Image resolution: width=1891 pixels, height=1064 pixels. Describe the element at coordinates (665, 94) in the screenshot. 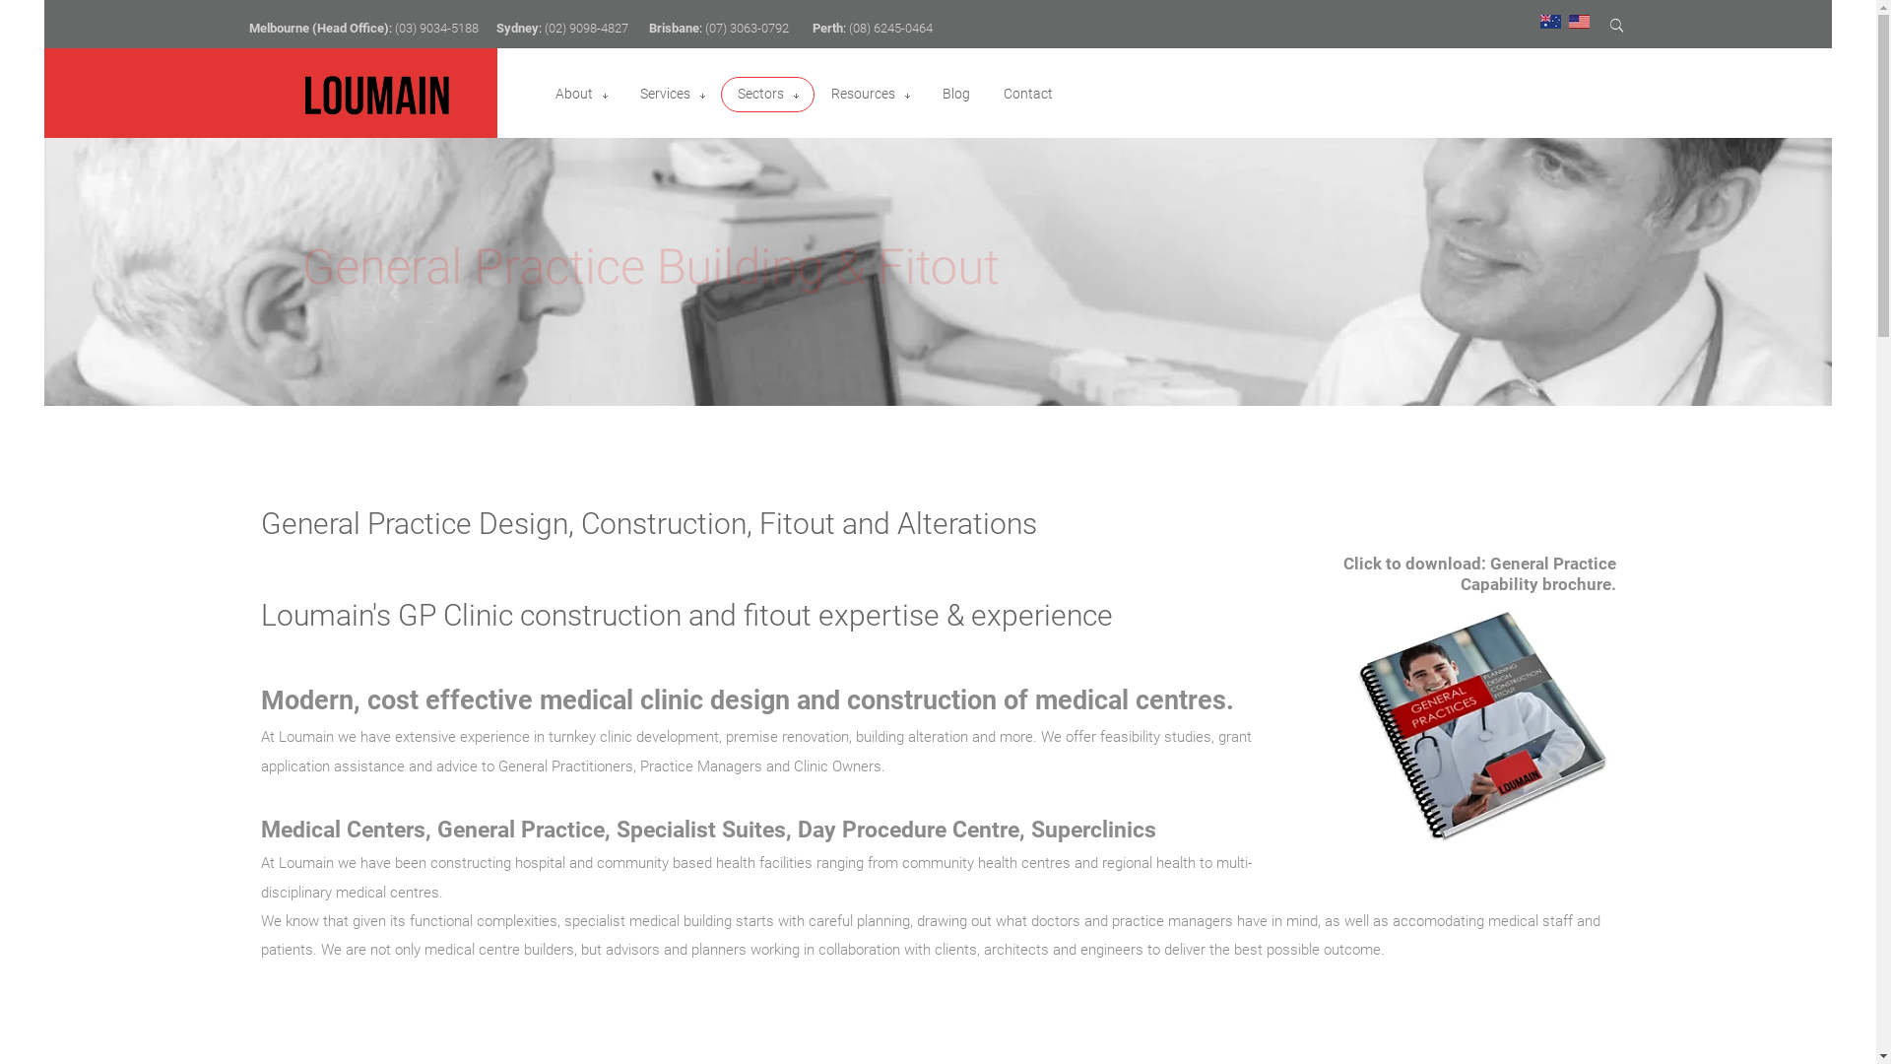

I see `'Services'` at that location.